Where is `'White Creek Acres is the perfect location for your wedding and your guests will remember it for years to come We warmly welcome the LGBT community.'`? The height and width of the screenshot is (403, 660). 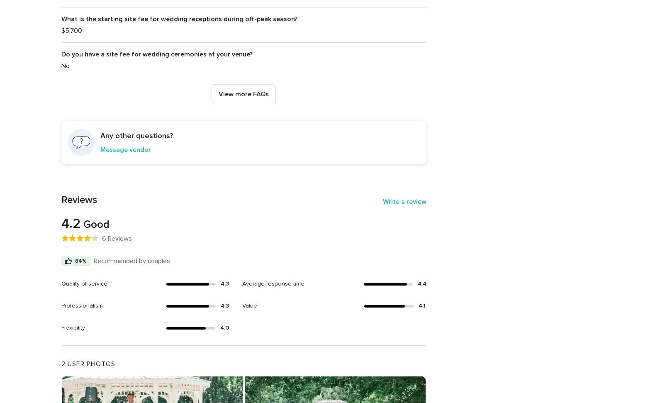 'White Creek Acres is the perfect location for your wedding and your guests will remember it for years to come We warmly welcome the LGBT community.' is located at coordinates (235, 183).